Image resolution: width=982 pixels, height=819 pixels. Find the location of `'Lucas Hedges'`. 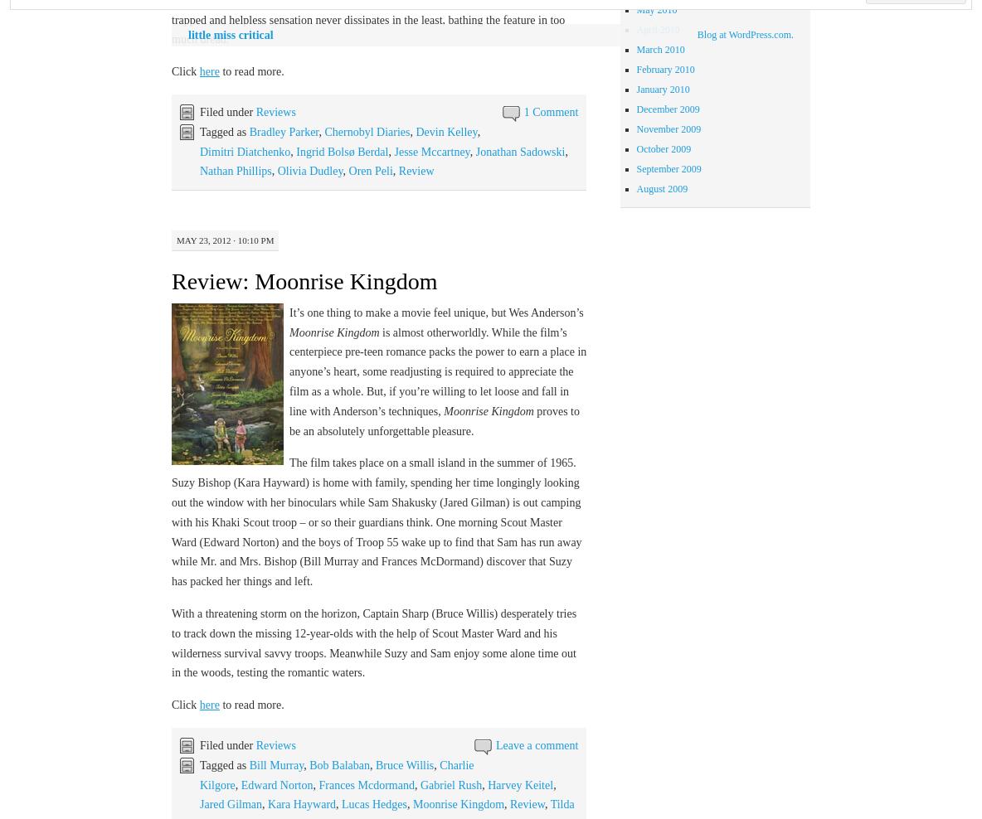

'Lucas Hedges' is located at coordinates (372, 804).